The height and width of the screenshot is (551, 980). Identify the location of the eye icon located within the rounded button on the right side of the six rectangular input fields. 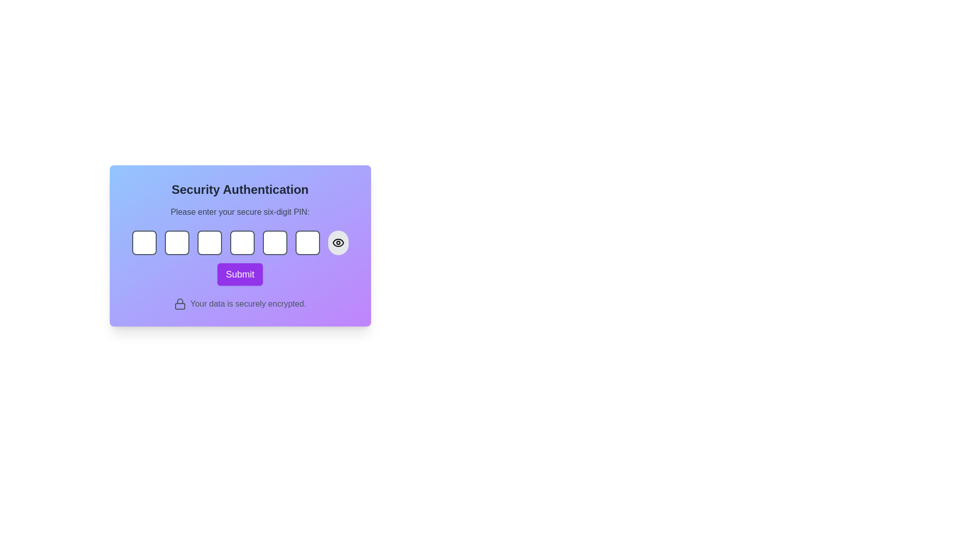
(338, 242).